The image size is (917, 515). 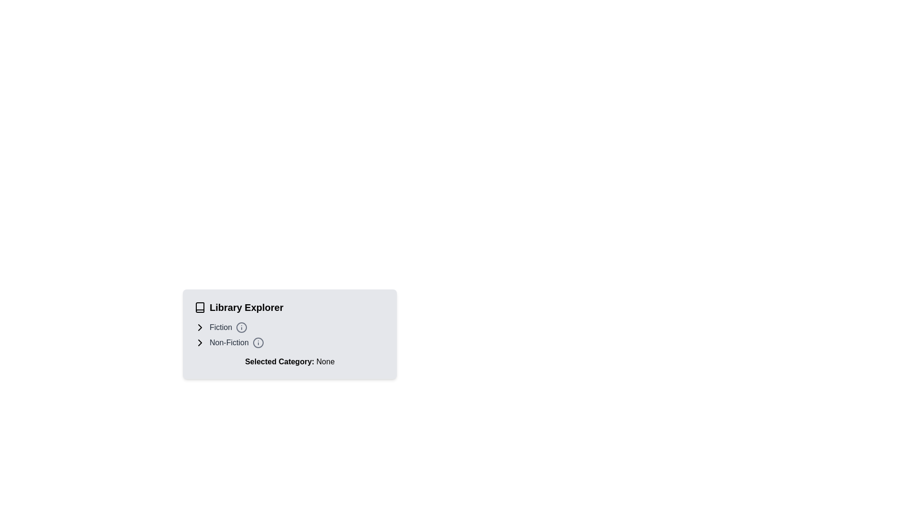 What do you see at coordinates (199, 307) in the screenshot?
I see `the decorative icon for the 'Library Explorer' section, located at the far left of the header before the title text 'Library Explorer'` at bounding box center [199, 307].